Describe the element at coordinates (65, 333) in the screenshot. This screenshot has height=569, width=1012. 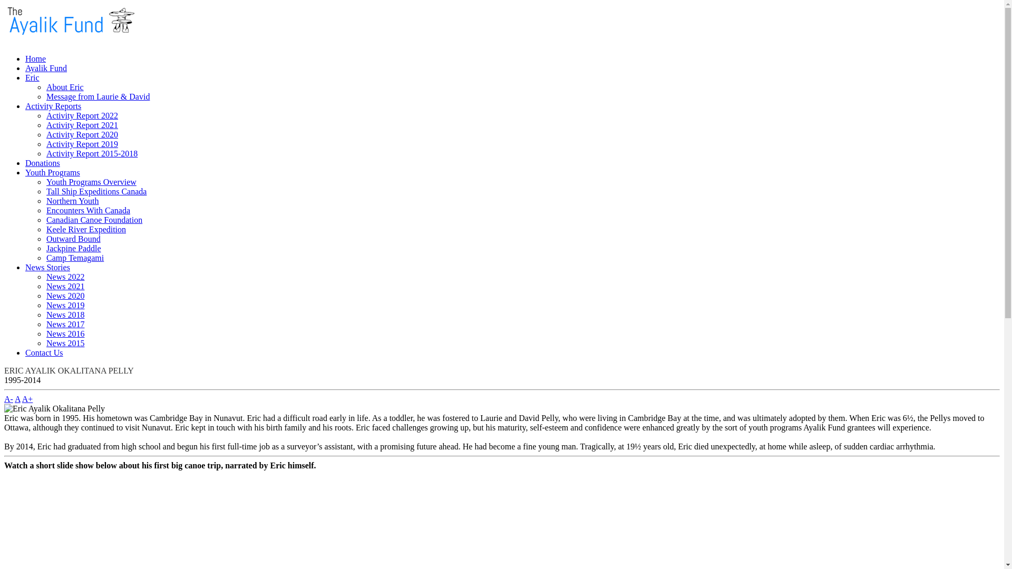
I see `'News 2016'` at that location.